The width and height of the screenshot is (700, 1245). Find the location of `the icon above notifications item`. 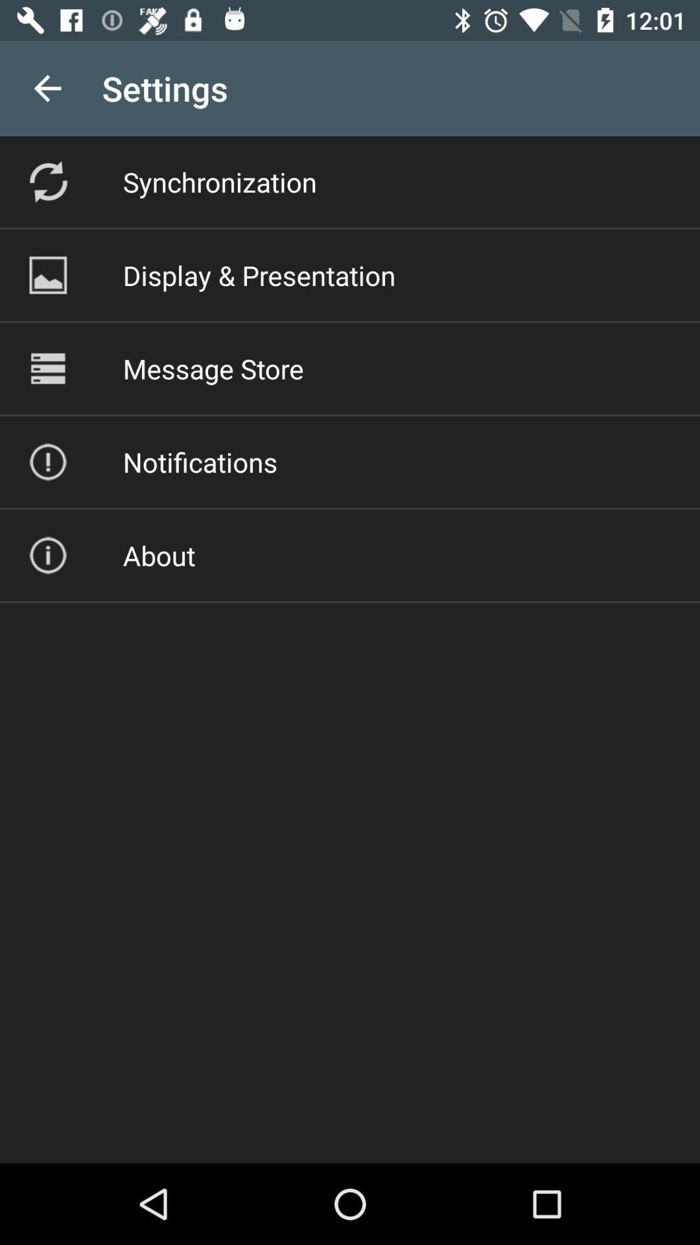

the icon above notifications item is located at coordinates (213, 368).